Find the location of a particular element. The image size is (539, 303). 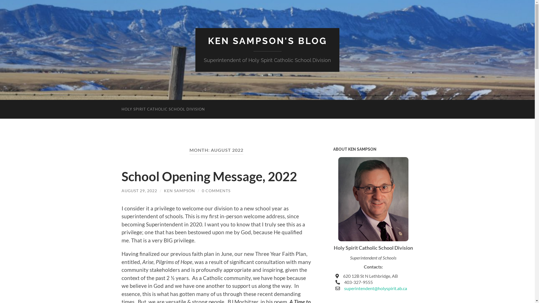

'0 COMMENTS' is located at coordinates (215, 190).